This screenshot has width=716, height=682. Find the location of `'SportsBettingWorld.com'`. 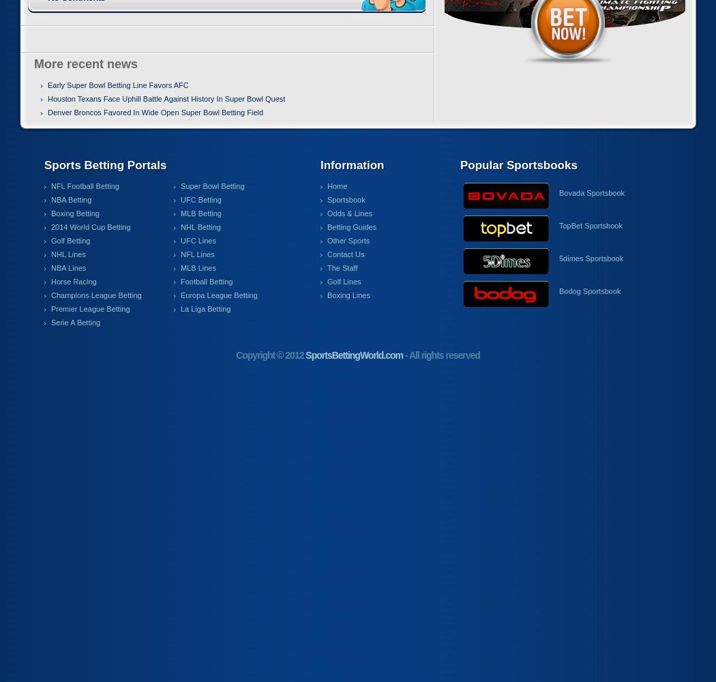

'SportsBettingWorld.com' is located at coordinates (353, 355).